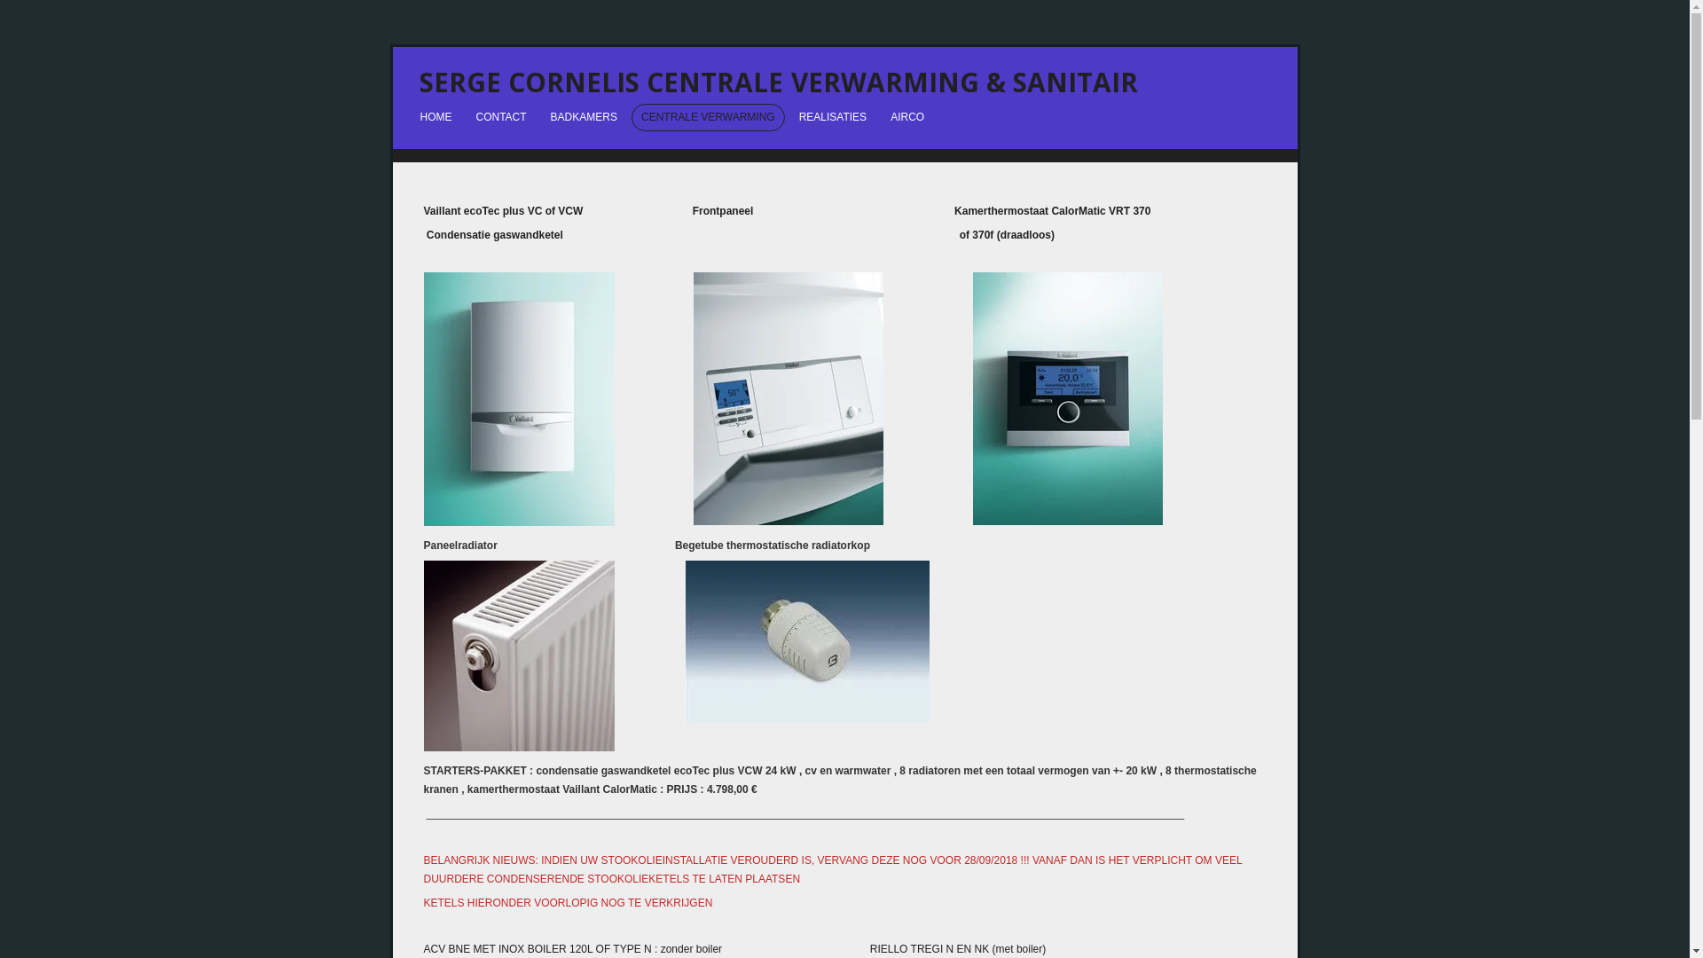  What do you see at coordinates (906, 117) in the screenshot?
I see `'AIRCO'` at bounding box center [906, 117].